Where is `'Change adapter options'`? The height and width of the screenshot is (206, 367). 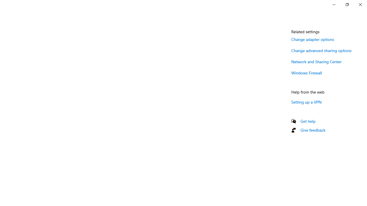 'Change adapter options' is located at coordinates (313, 39).